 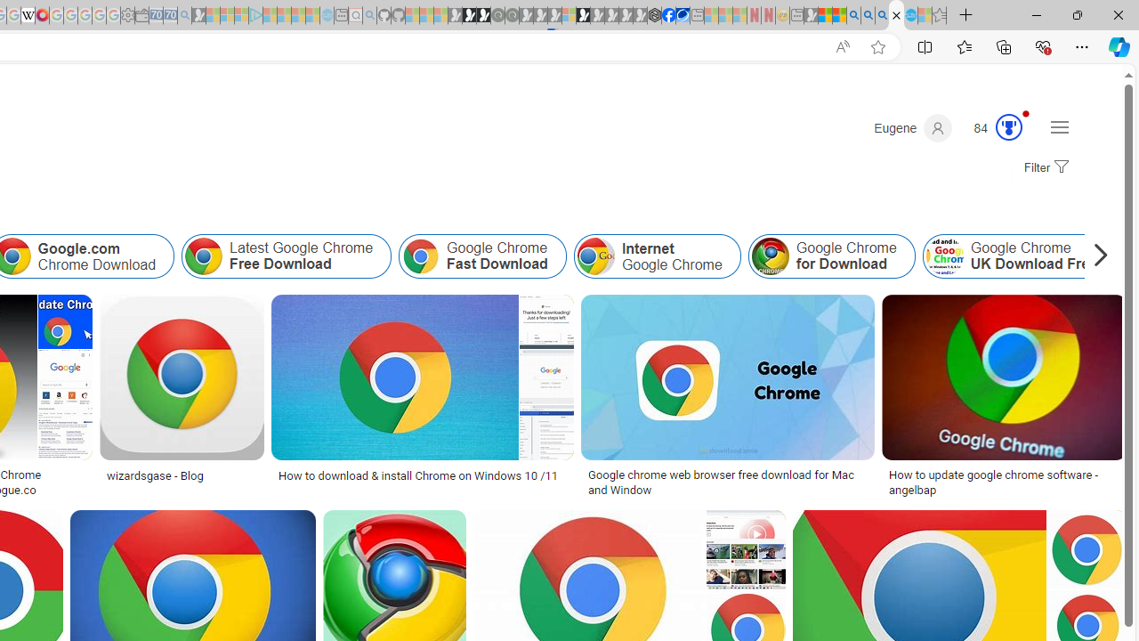 What do you see at coordinates (1009, 126) in the screenshot?
I see `'AutomationID: rh_meter'` at bounding box center [1009, 126].